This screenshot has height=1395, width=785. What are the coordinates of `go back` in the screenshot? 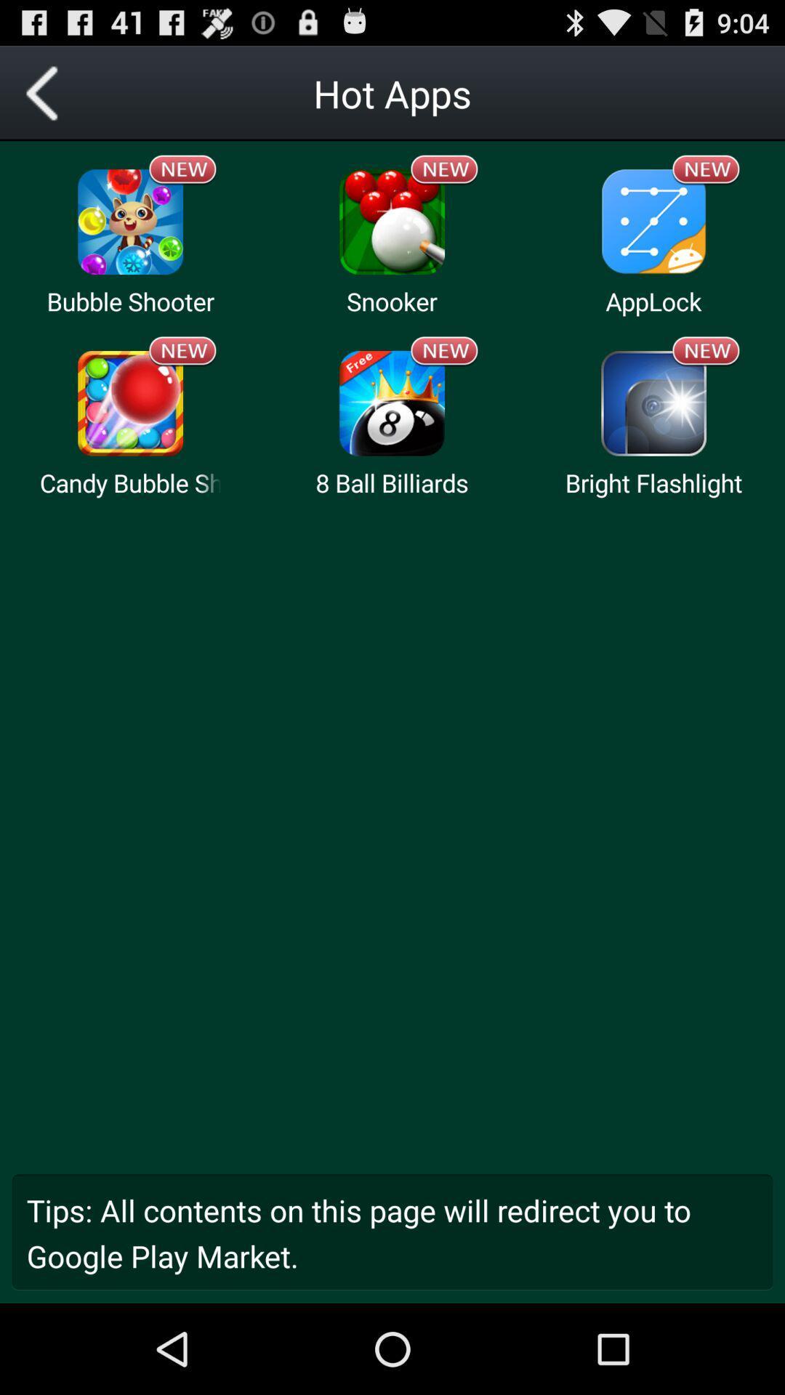 It's located at (47, 92).